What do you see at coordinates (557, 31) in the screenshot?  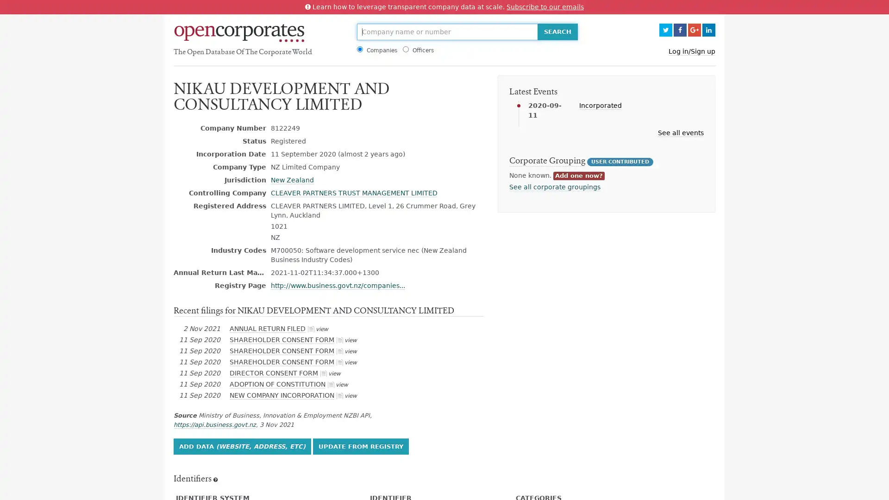 I see `SEARCH` at bounding box center [557, 31].